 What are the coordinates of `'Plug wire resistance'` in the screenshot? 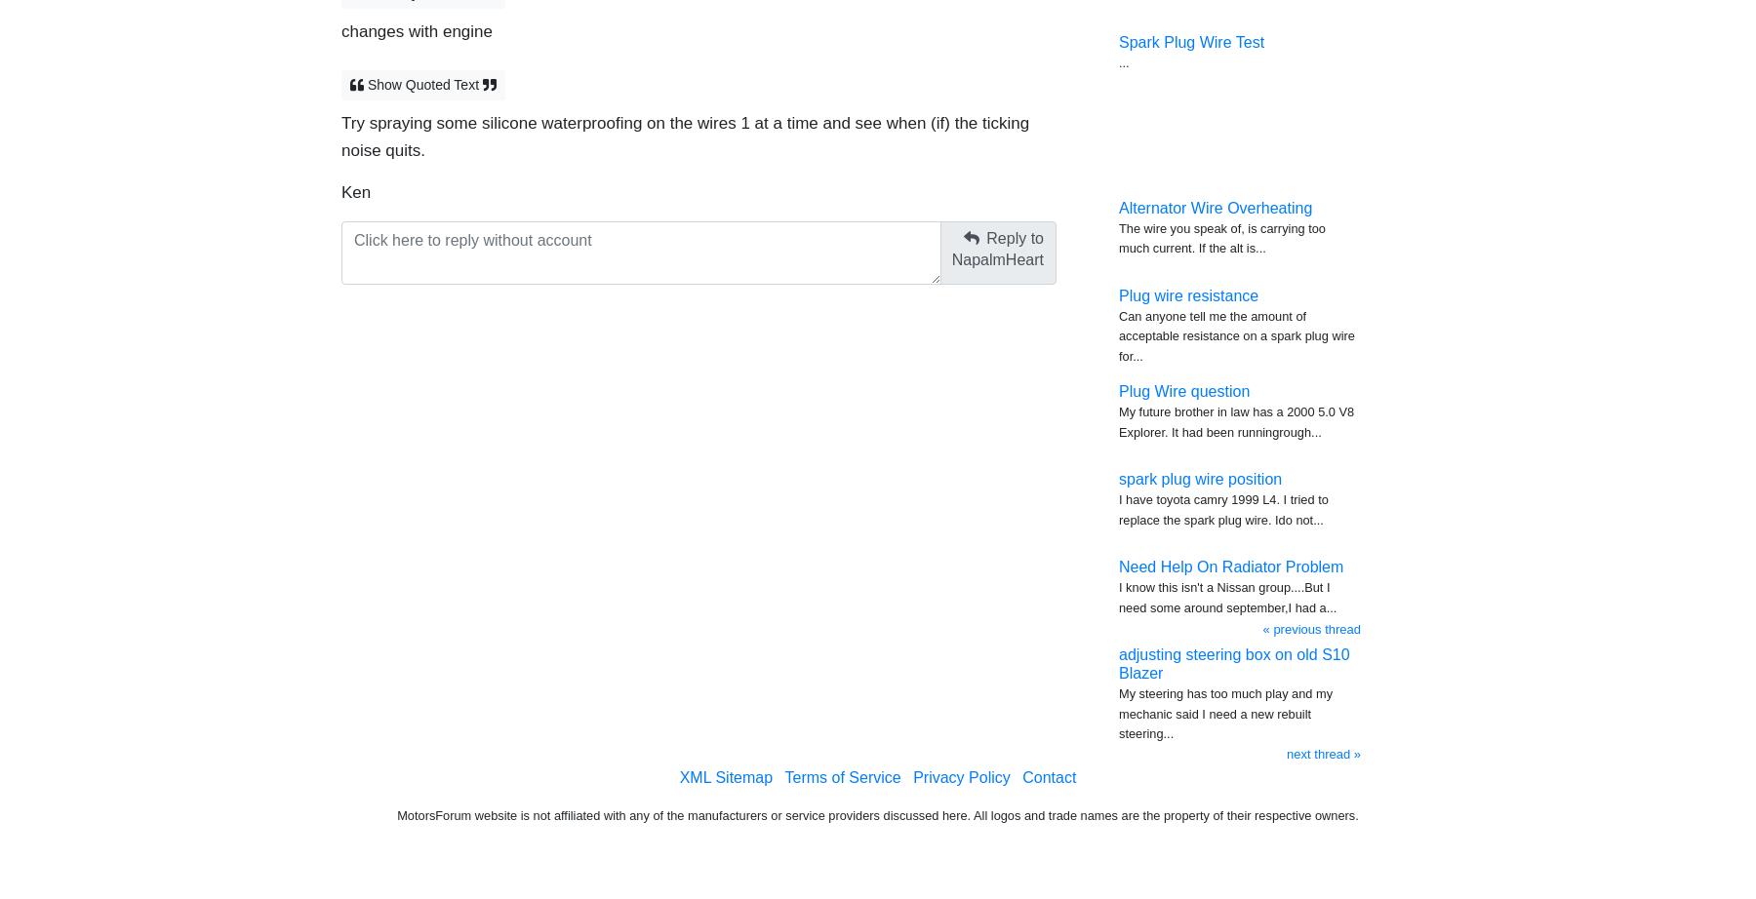 It's located at (1187, 293).